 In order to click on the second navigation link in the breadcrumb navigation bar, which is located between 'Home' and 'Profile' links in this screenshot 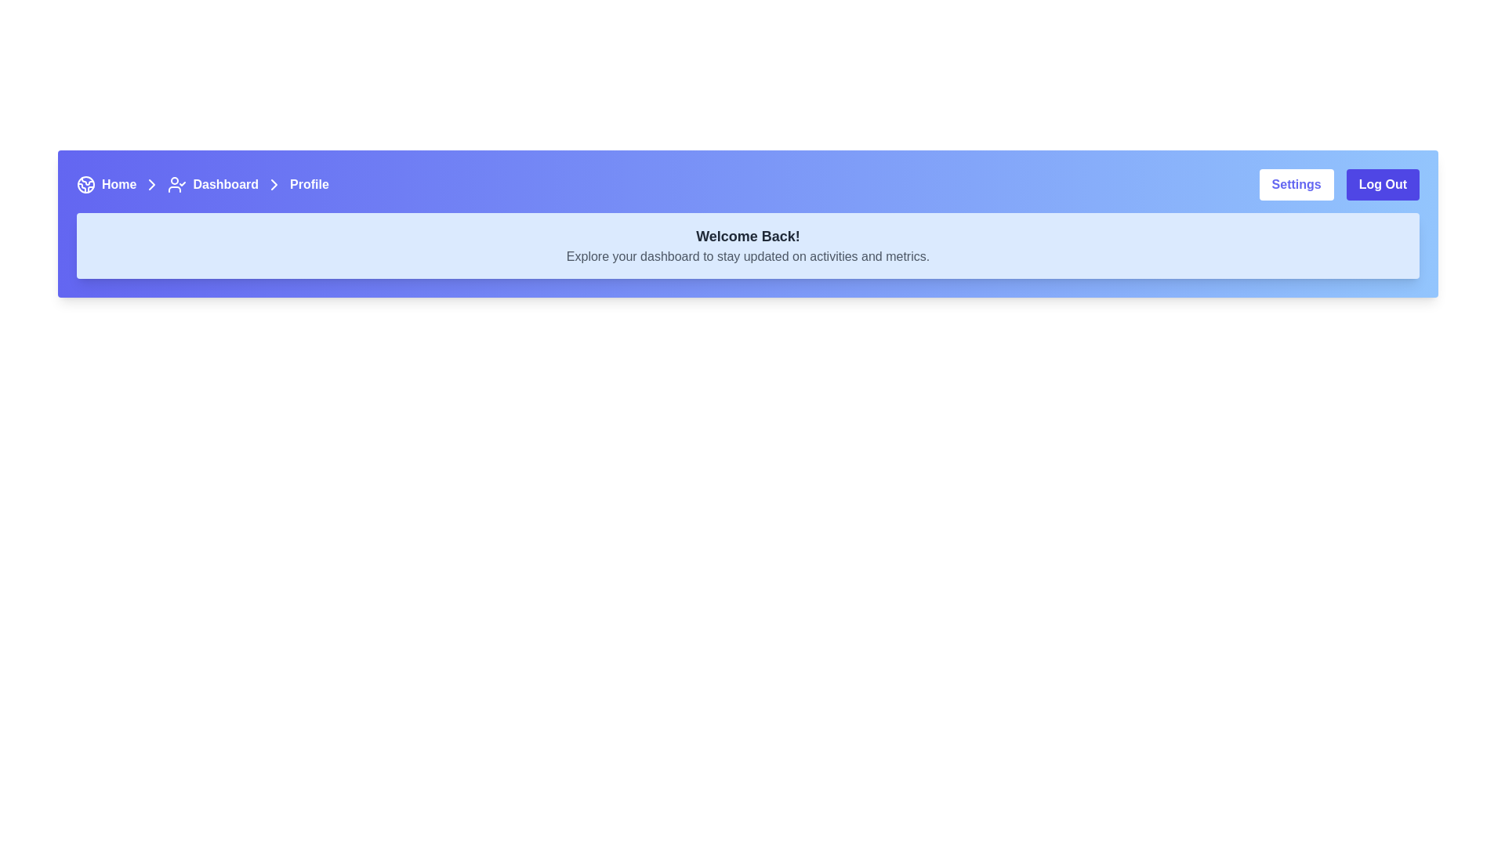, I will do `click(212, 183)`.